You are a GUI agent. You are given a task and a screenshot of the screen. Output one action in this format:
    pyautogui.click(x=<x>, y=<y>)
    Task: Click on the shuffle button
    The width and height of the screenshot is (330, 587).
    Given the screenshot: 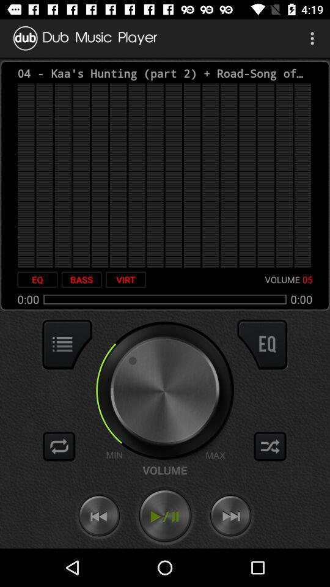 What is the action you would take?
    pyautogui.click(x=270, y=446)
    